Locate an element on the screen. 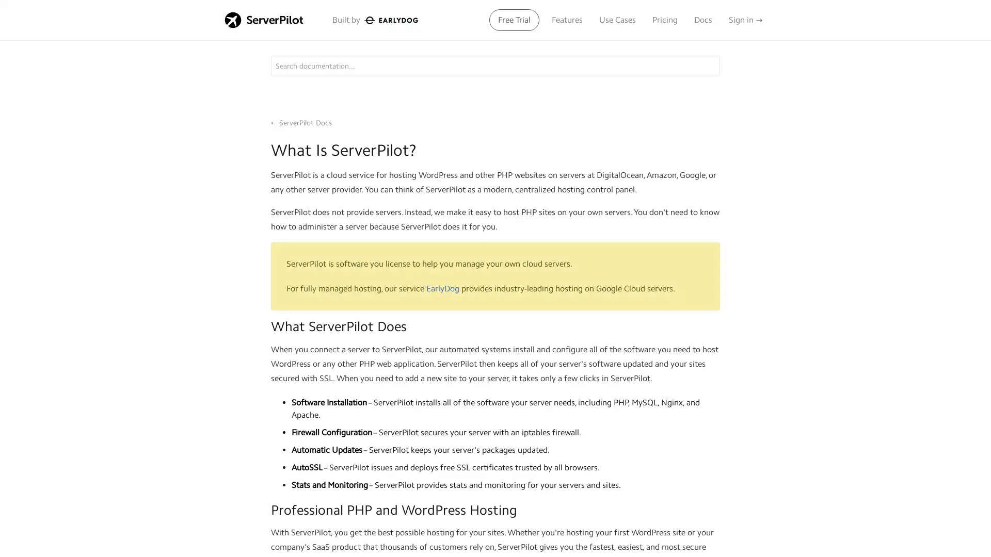 This screenshot has height=557, width=991. Free Trial is located at coordinates (514, 20).